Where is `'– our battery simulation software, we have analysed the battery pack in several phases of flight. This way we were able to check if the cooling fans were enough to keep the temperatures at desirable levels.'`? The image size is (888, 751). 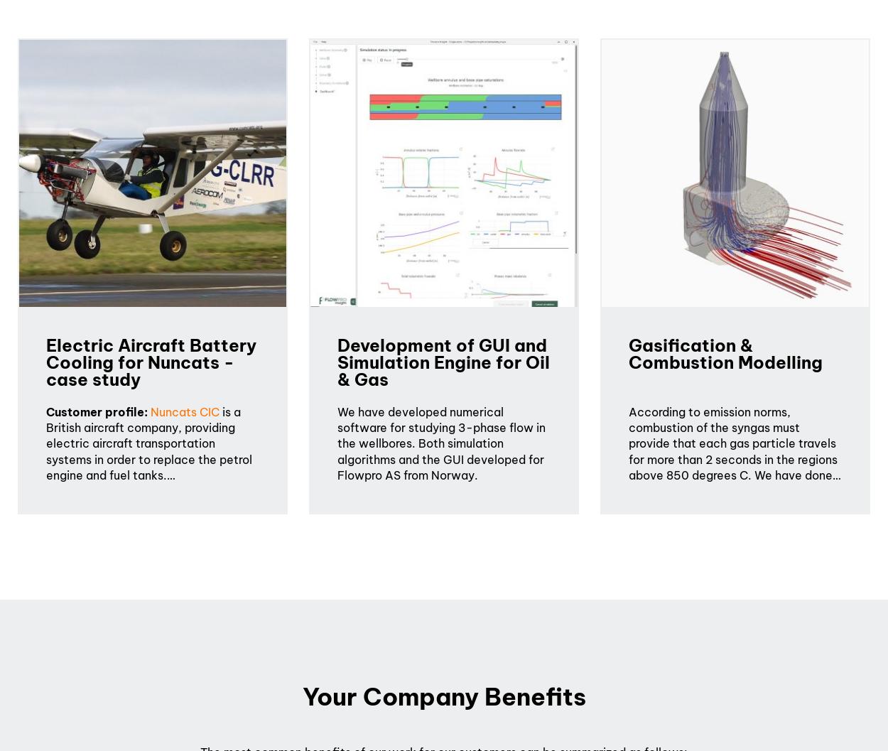 '– our battery simulation software, we have analysed the battery pack in several phases of flight. This way we were able to check if the cooling fans were enough to keep the temperatures at desirable levels.' is located at coordinates (151, 639).